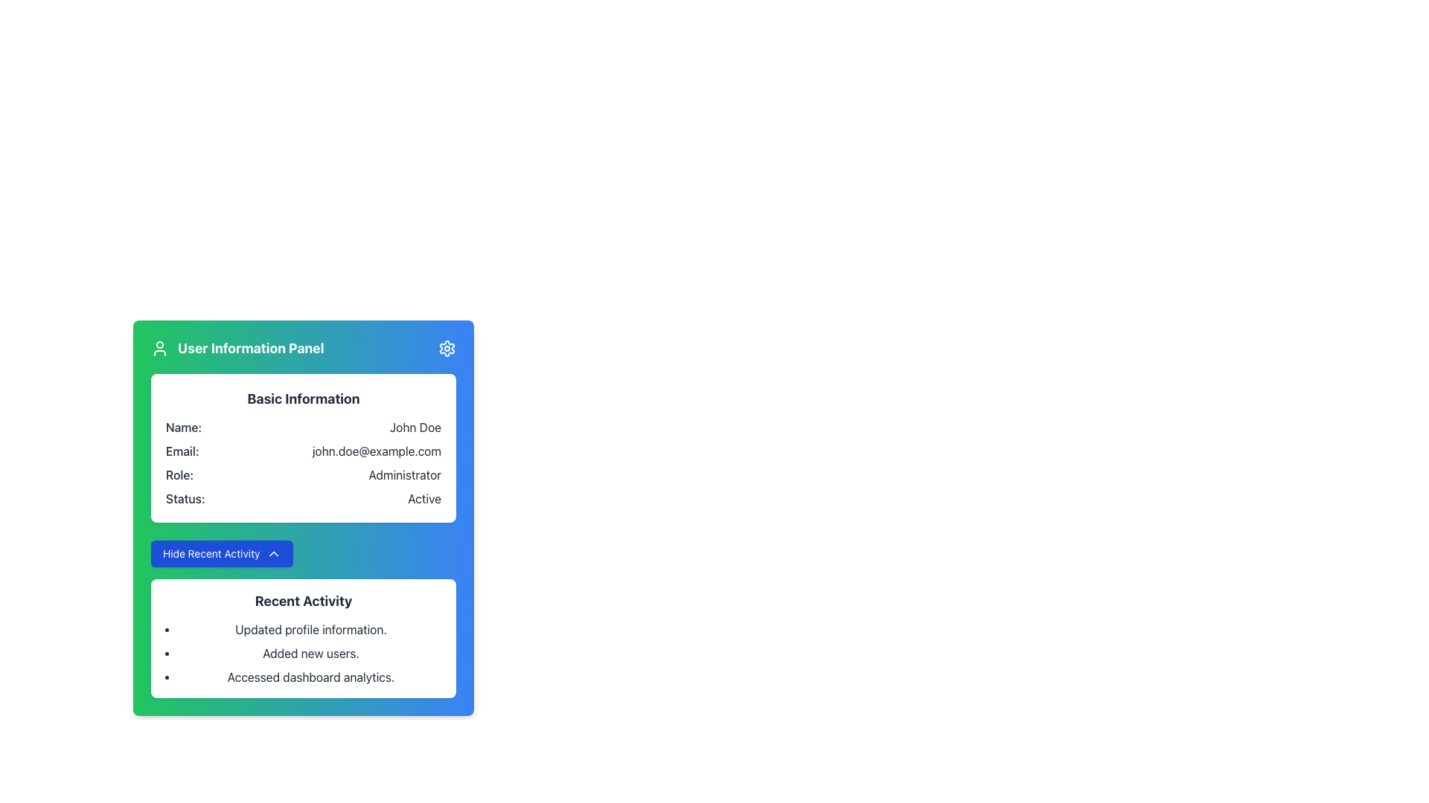  What do you see at coordinates (183, 427) in the screenshot?
I see `the text label reading 'Name:' which is positioned to the left of the name value 'John Doe' in the 'Basic Information' section of the 'User Information Panel'` at bounding box center [183, 427].